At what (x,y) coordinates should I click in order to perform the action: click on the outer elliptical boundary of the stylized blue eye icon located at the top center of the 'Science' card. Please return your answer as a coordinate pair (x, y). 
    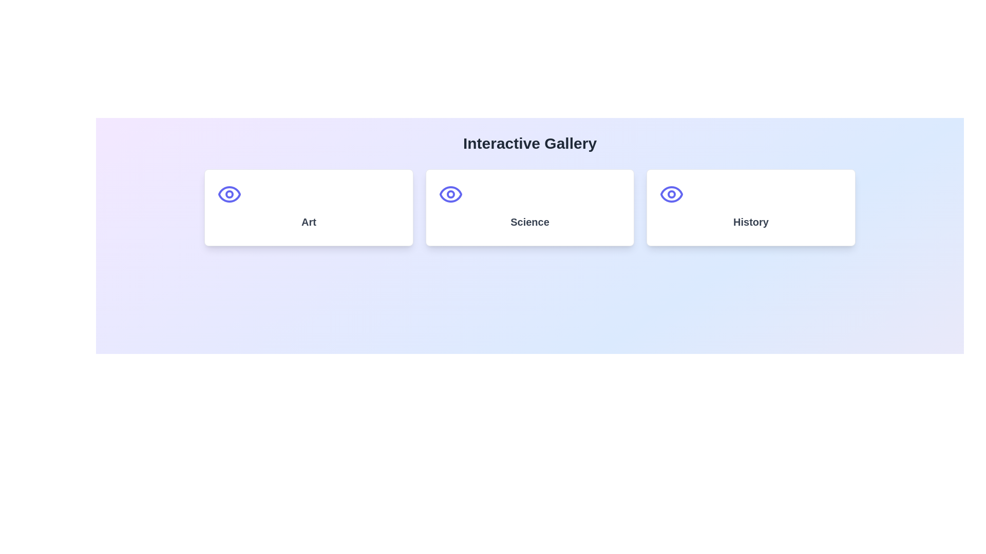
    Looking at the image, I should click on (450, 194).